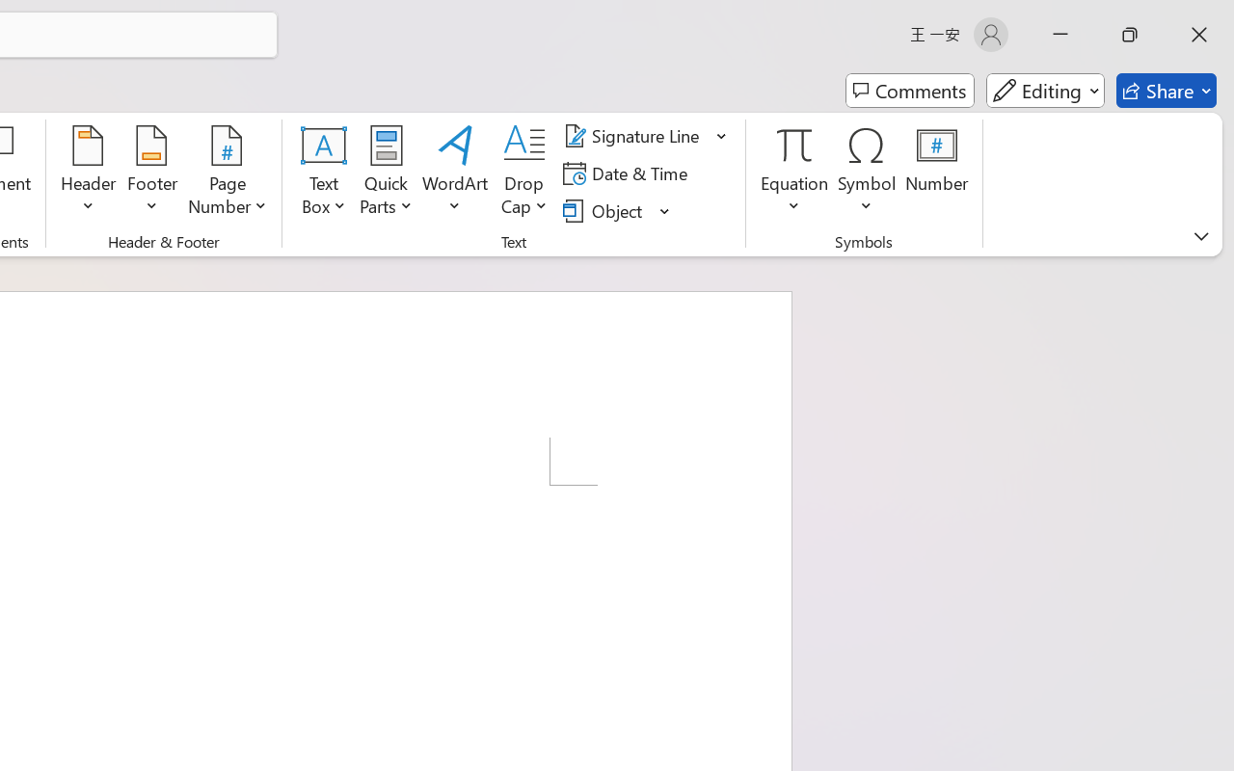 The height and width of the screenshot is (771, 1234). I want to click on 'Header', so click(88, 173).